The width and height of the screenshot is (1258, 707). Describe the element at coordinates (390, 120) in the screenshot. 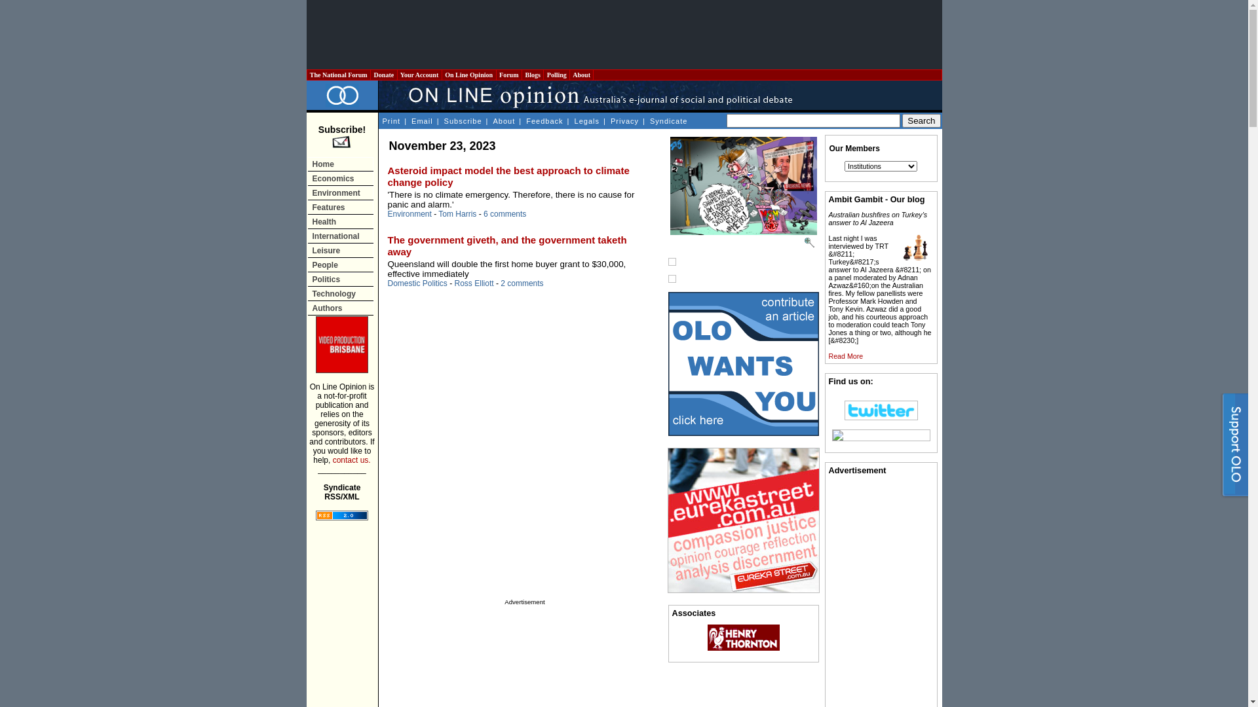

I see `'Print'` at that location.